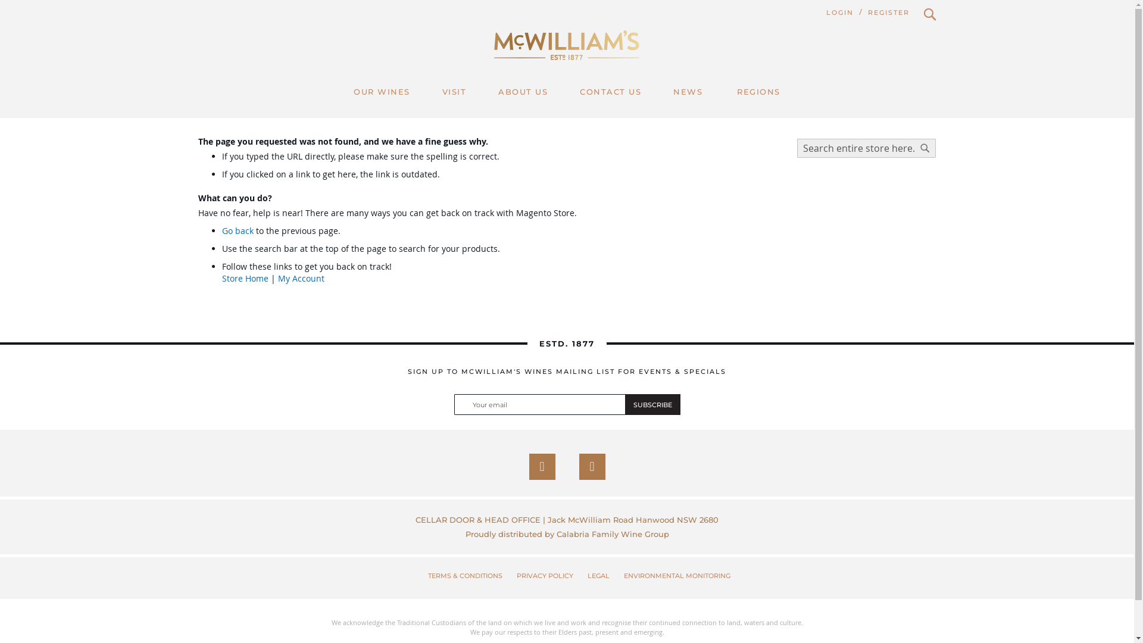 The height and width of the screenshot is (643, 1143). Describe the element at coordinates (688, 91) in the screenshot. I see `'NEWS'` at that location.